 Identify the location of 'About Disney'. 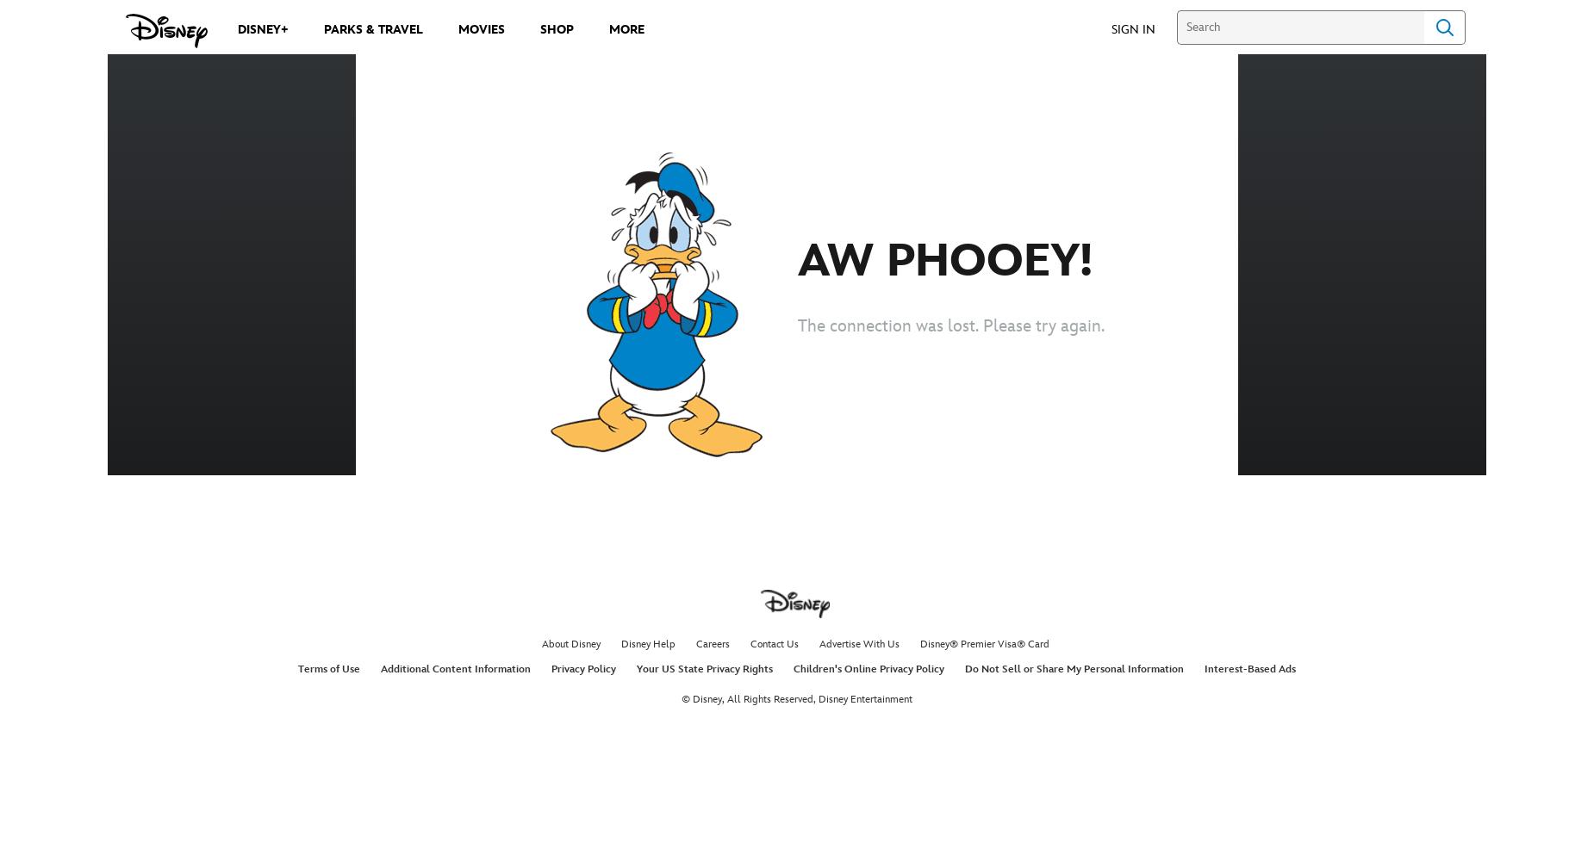
(570, 643).